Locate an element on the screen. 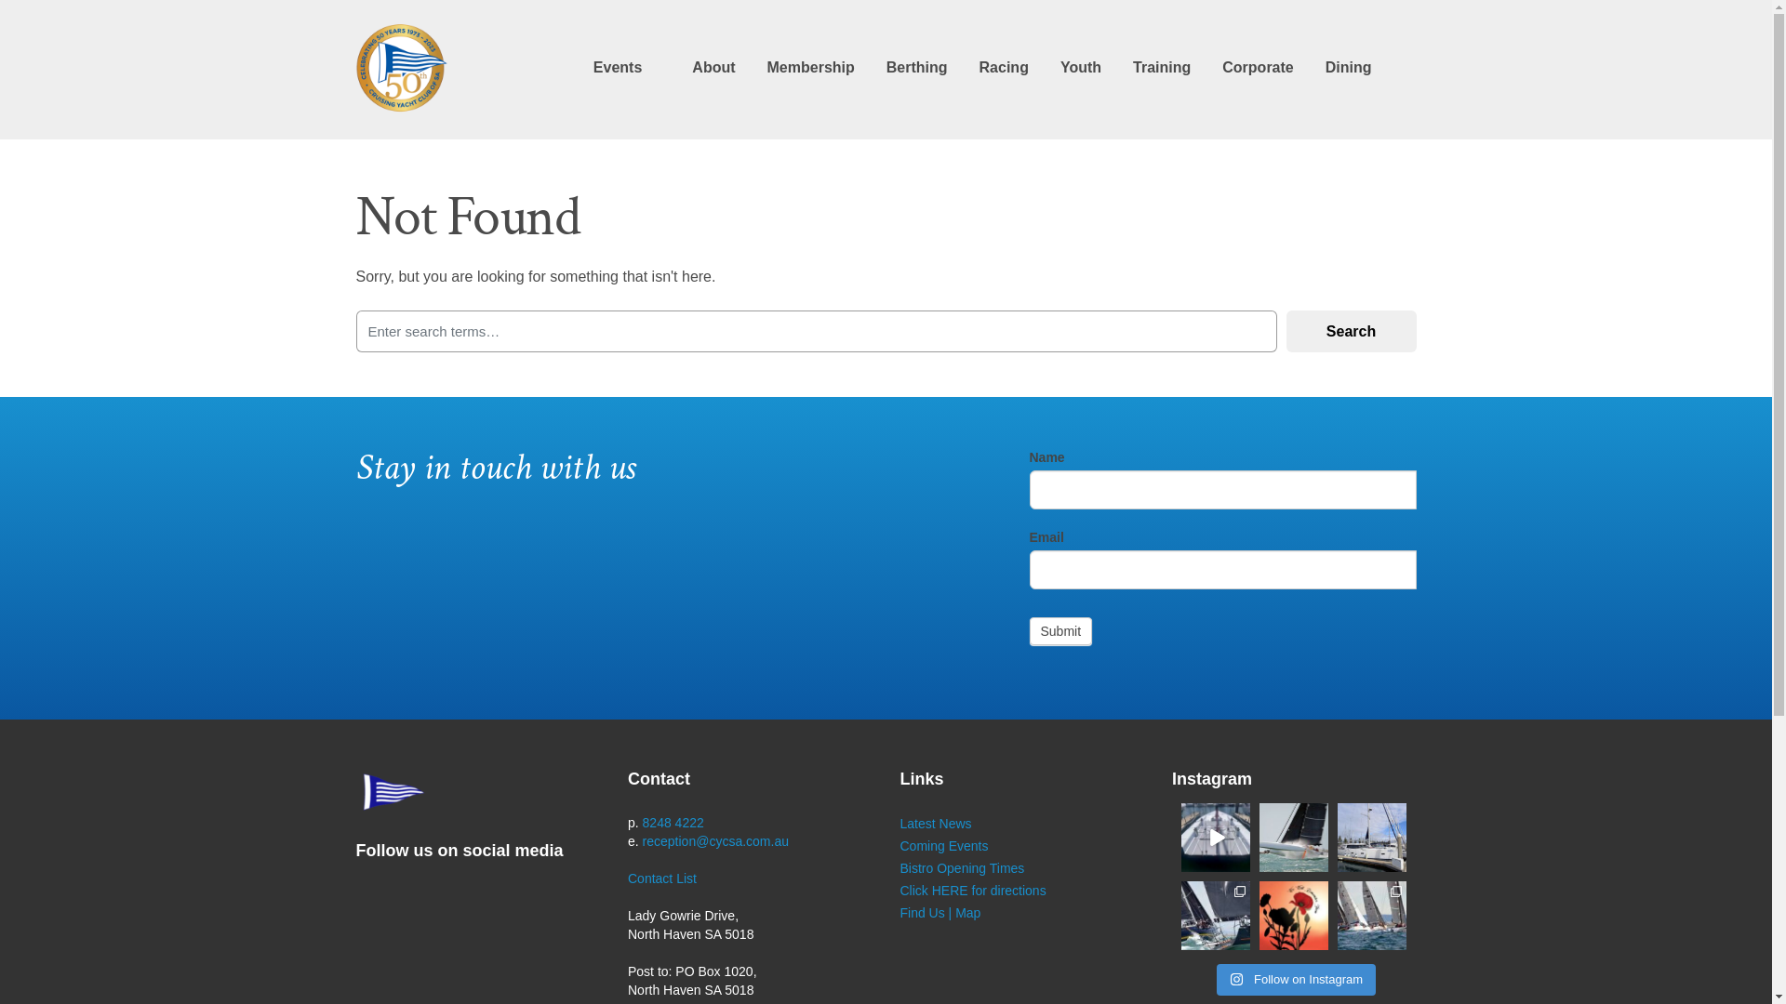 Image resolution: width=1786 pixels, height=1004 pixels. 'Corporate' is located at coordinates (1222, 67).